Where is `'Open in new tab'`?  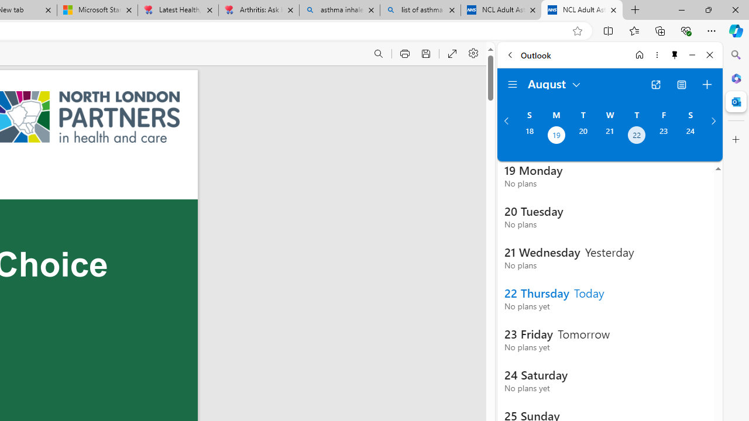 'Open in new tab' is located at coordinates (655, 84).